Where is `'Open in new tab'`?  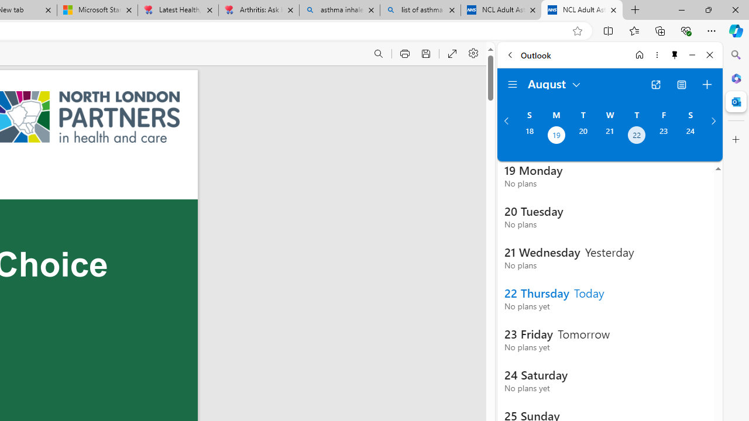 'Open in new tab' is located at coordinates (655, 84).